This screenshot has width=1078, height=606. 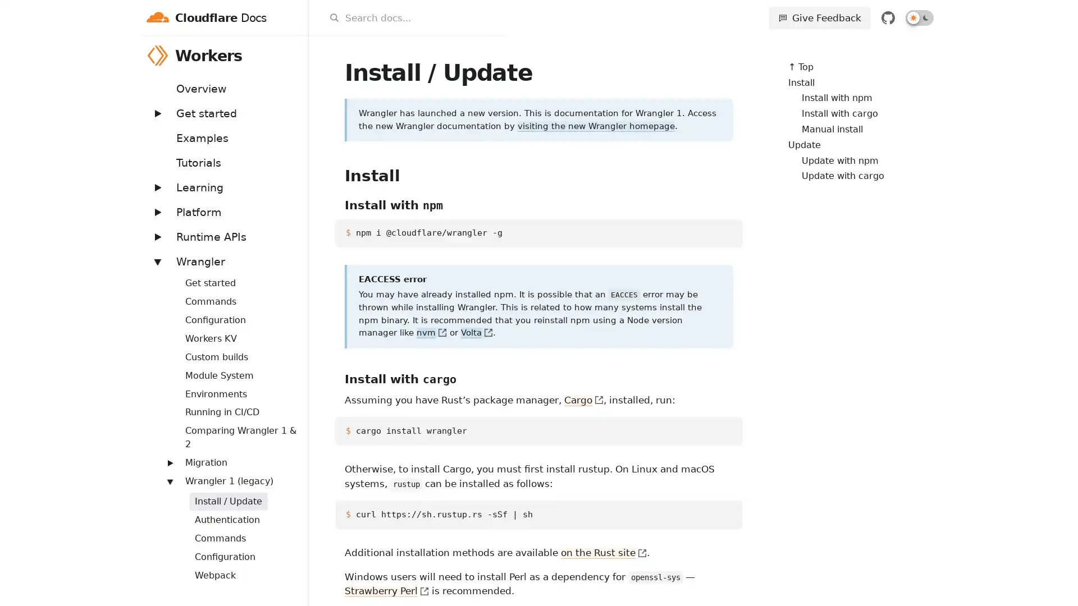 I want to click on Workers menu, so click(x=293, y=55).